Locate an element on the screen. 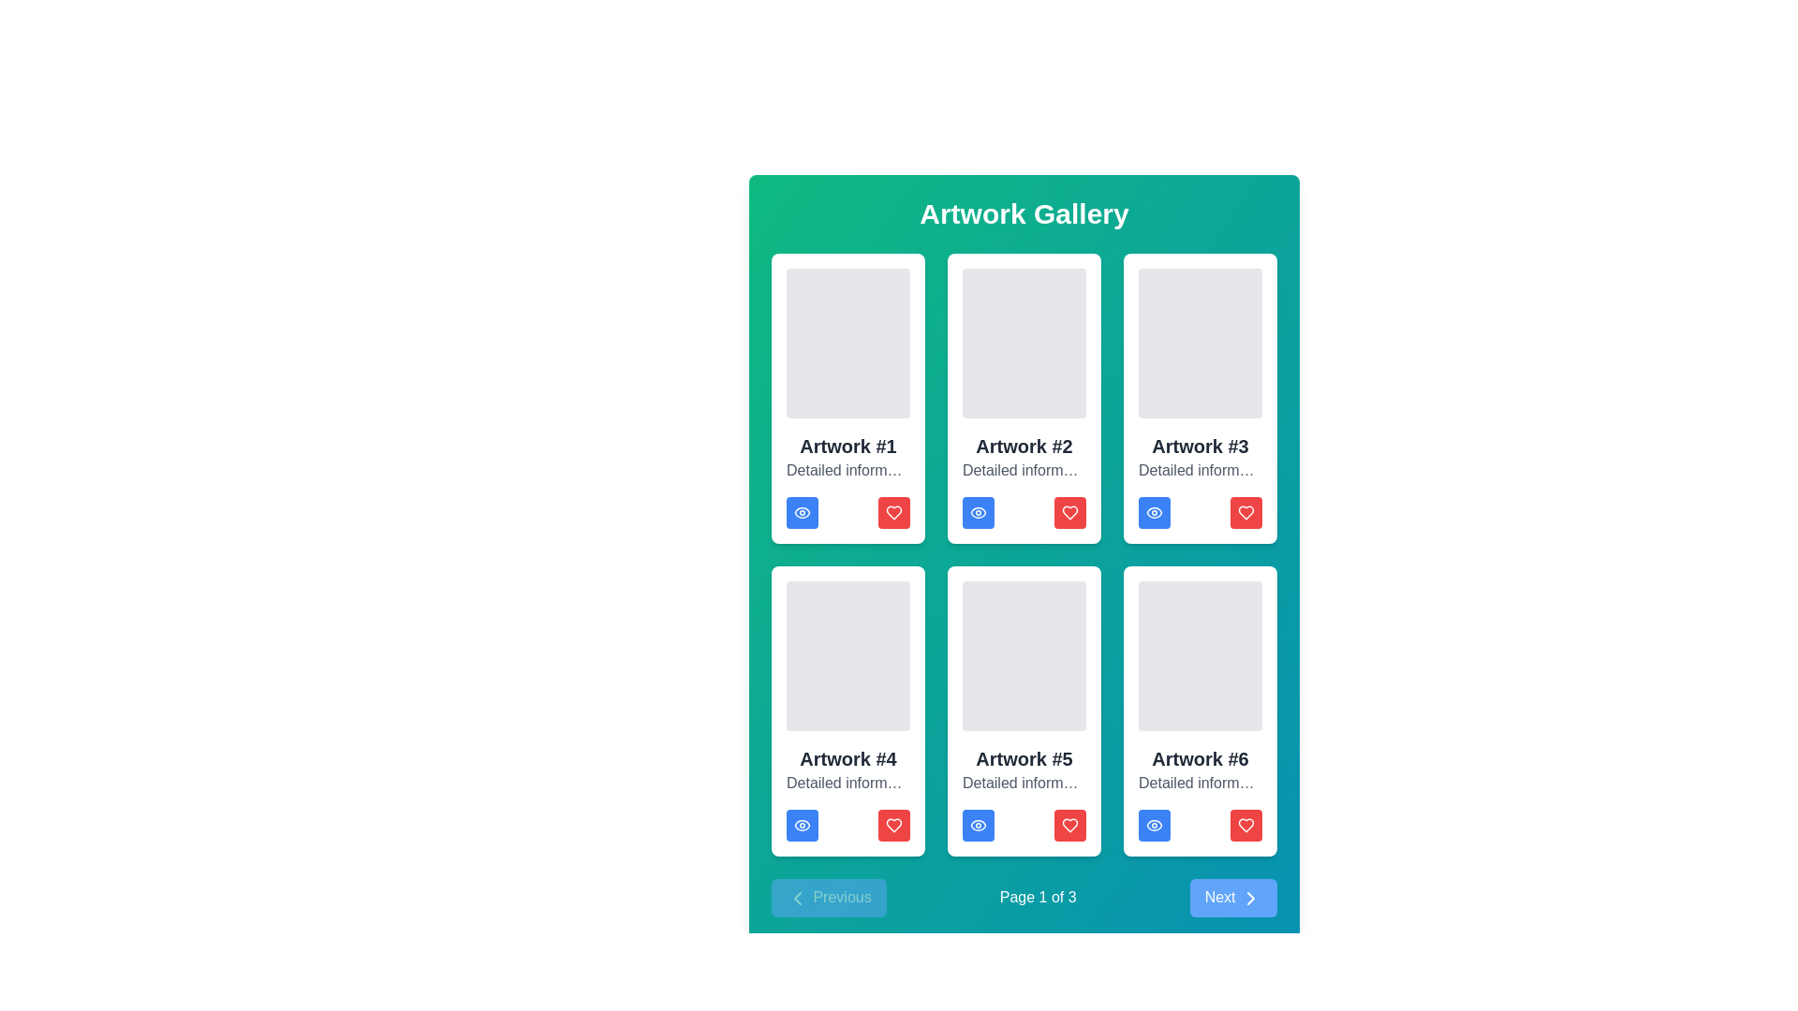 The width and height of the screenshot is (1798, 1011). the right-facing chevron icon located at the far right side of the blue 'Next' button is located at coordinates (1250, 897).